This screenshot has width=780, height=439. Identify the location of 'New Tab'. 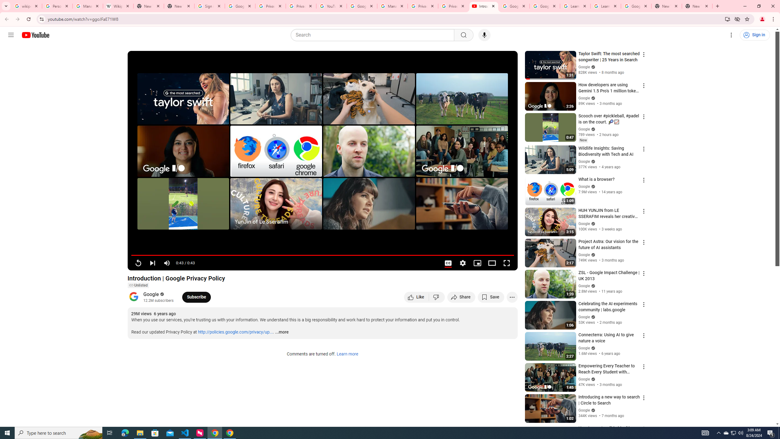
(697, 6).